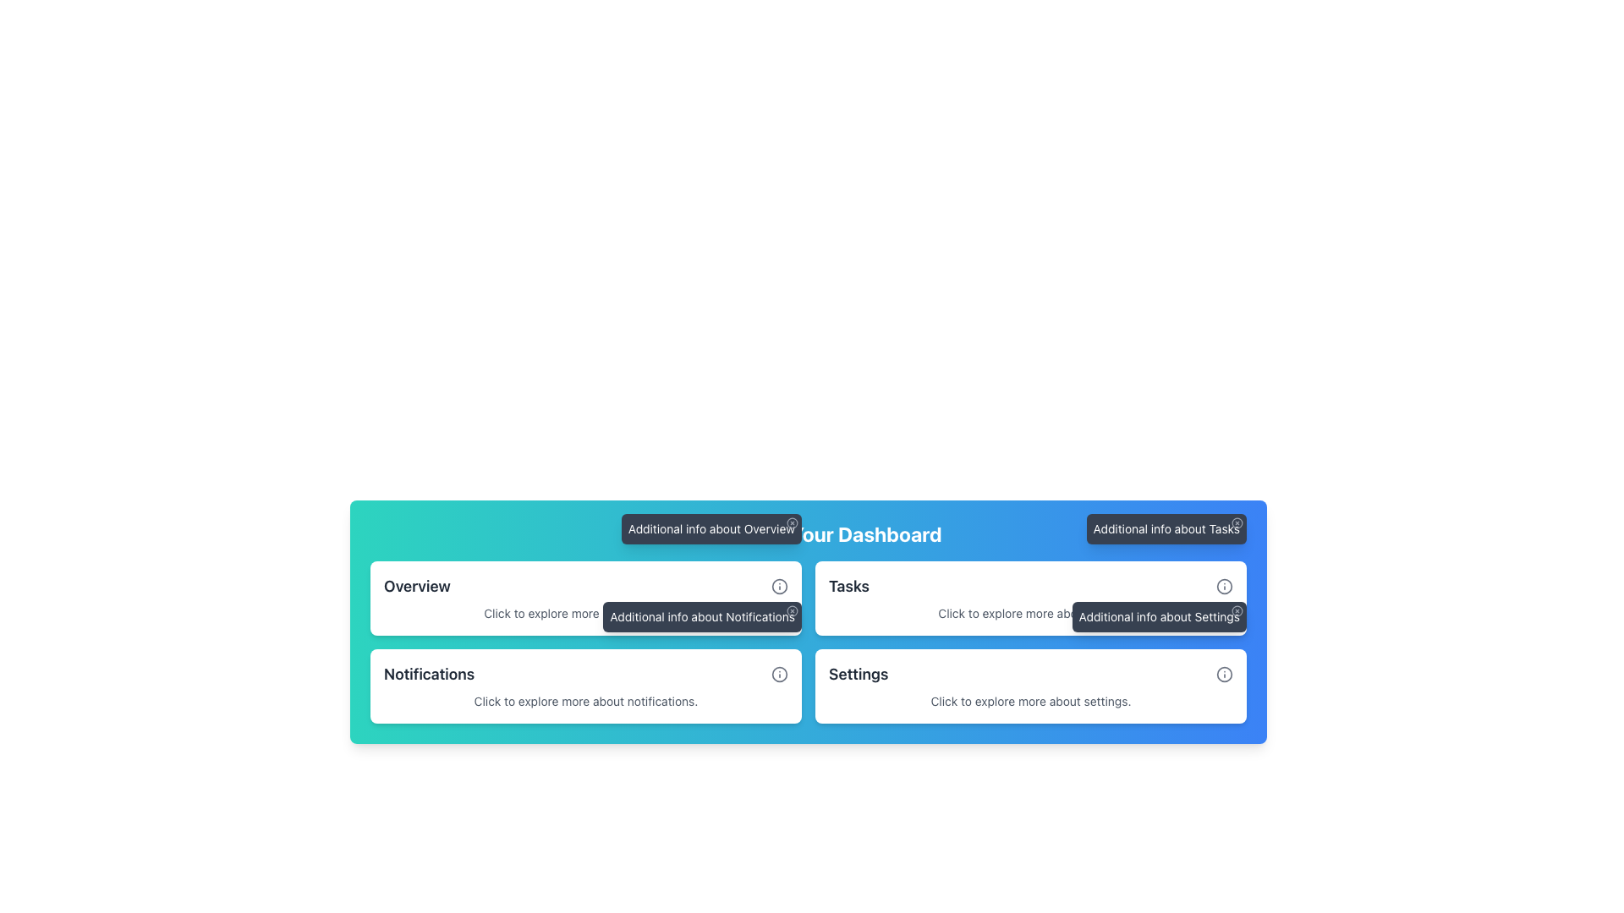 This screenshot has width=1624, height=913. I want to click on the circular icon button with a gray border and an information symbol in the top-right corner of the 'Notifications' section header, so click(778, 674).